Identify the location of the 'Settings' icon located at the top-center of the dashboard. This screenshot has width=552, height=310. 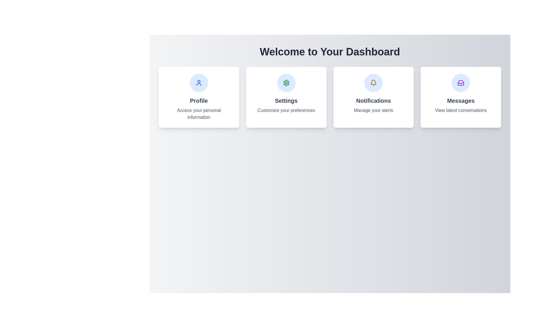
(286, 83).